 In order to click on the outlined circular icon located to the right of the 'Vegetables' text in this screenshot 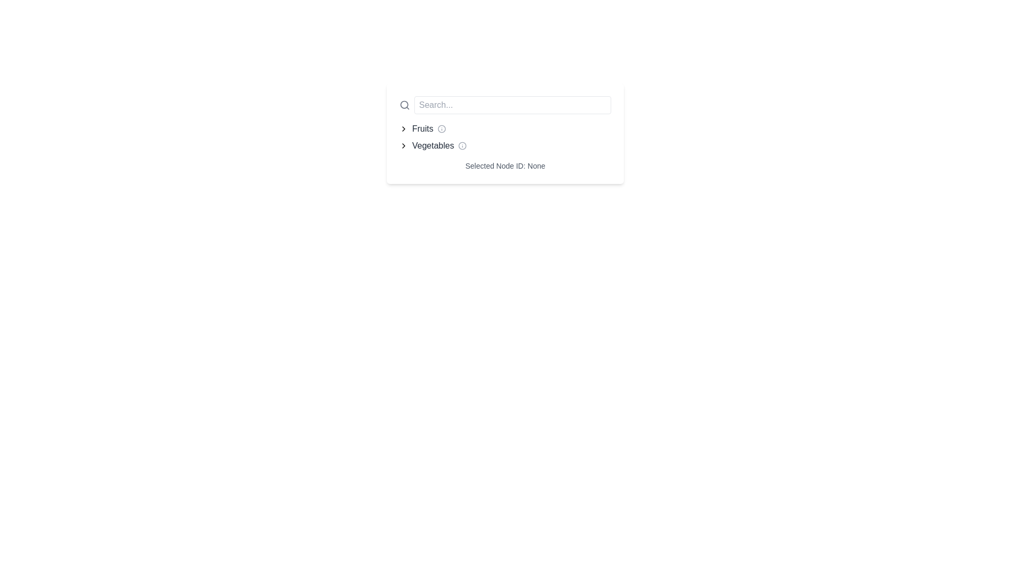, I will do `click(462, 146)`.